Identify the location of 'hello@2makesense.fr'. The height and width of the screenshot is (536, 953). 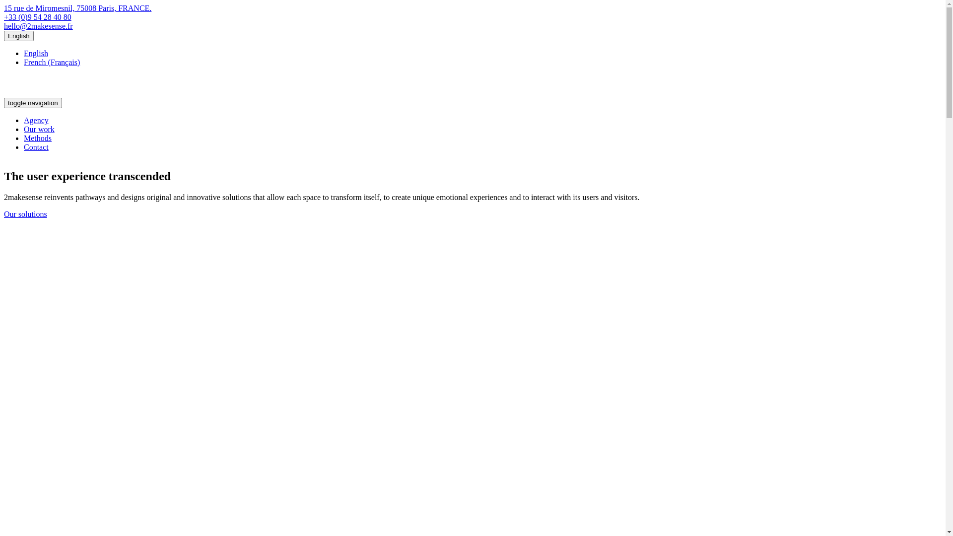
(38, 25).